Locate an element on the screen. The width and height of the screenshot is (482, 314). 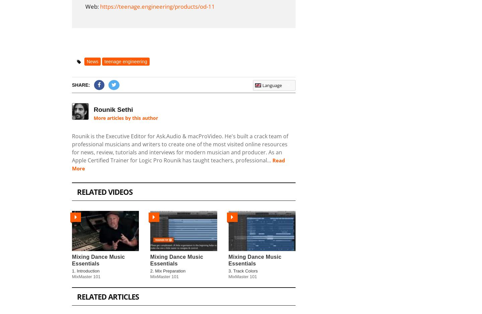
'1. Introduction' is located at coordinates (85, 271).